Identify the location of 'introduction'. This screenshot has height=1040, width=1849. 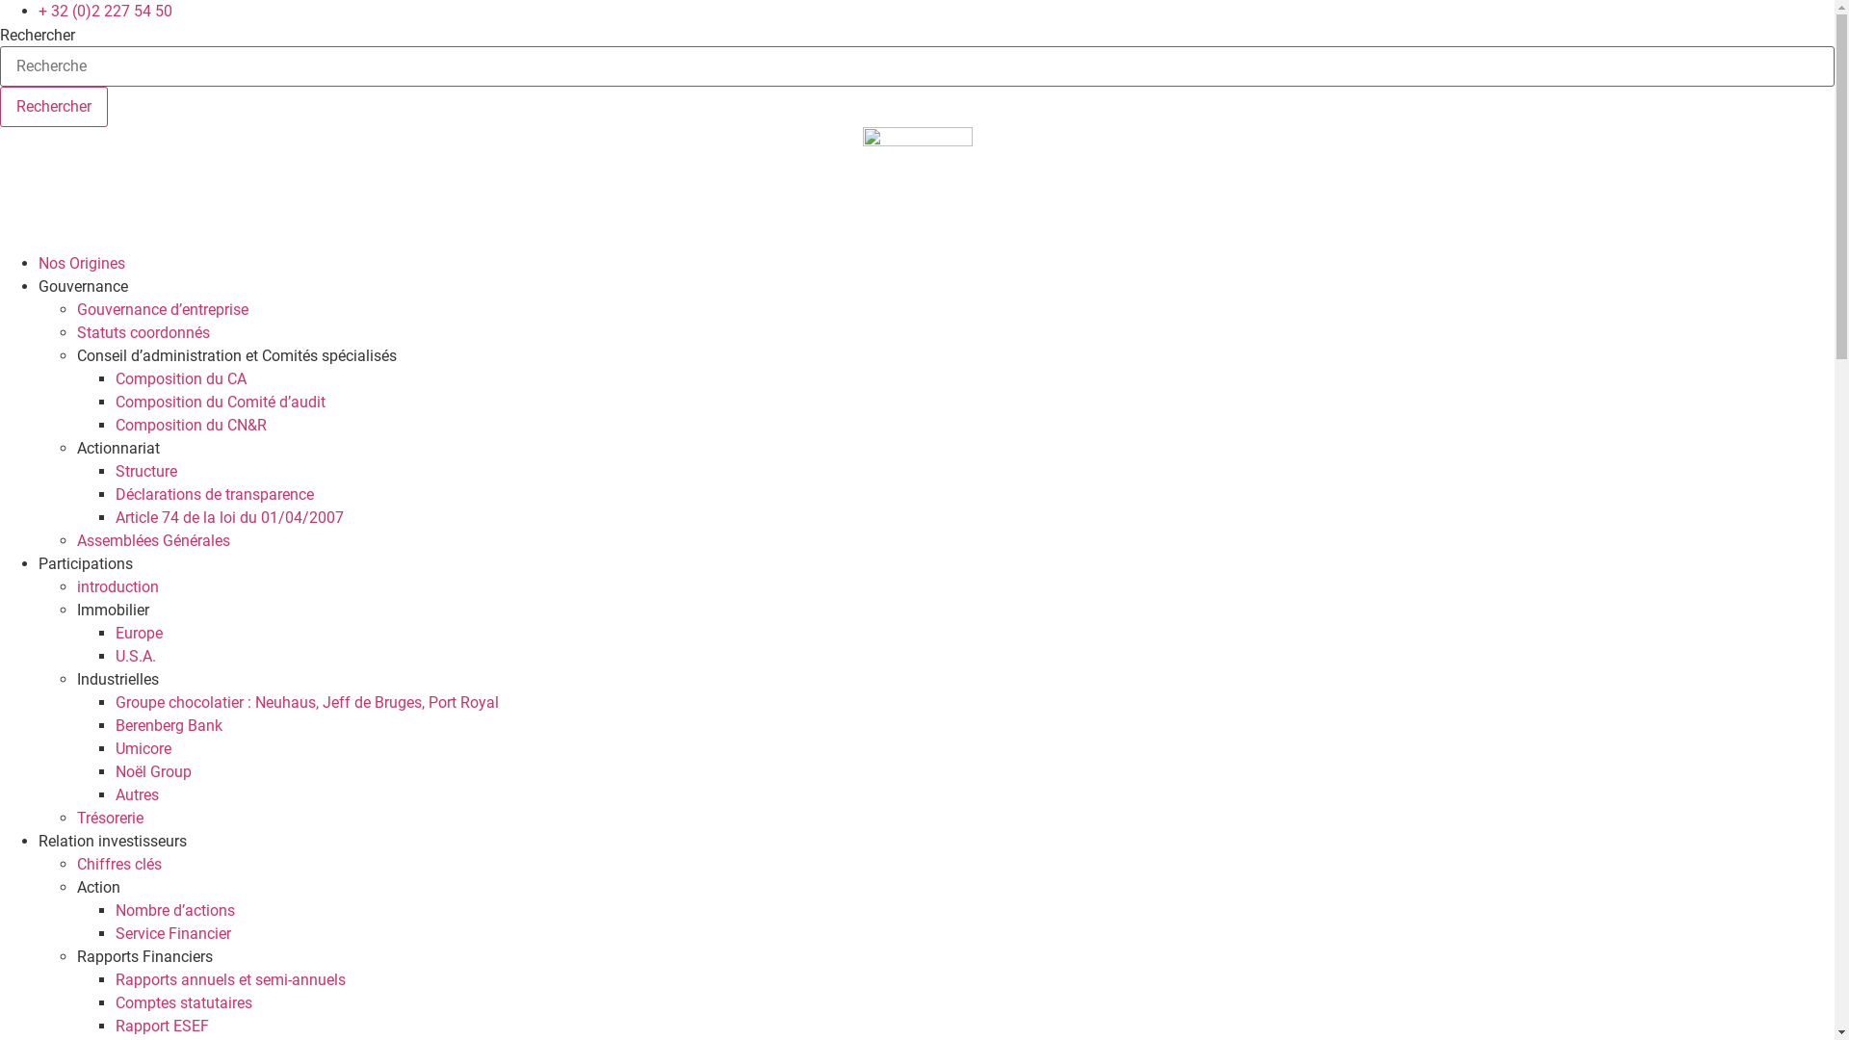
(117, 585).